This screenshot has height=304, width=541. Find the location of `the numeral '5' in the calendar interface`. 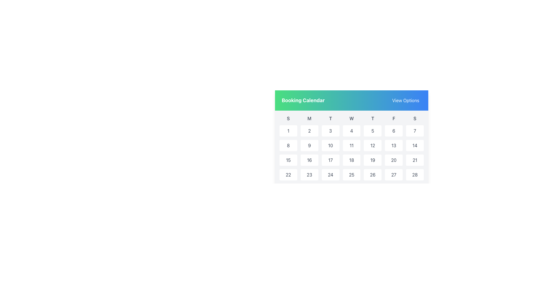

the numeral '5' in the calendar interface is located at coordinates (373, 131).